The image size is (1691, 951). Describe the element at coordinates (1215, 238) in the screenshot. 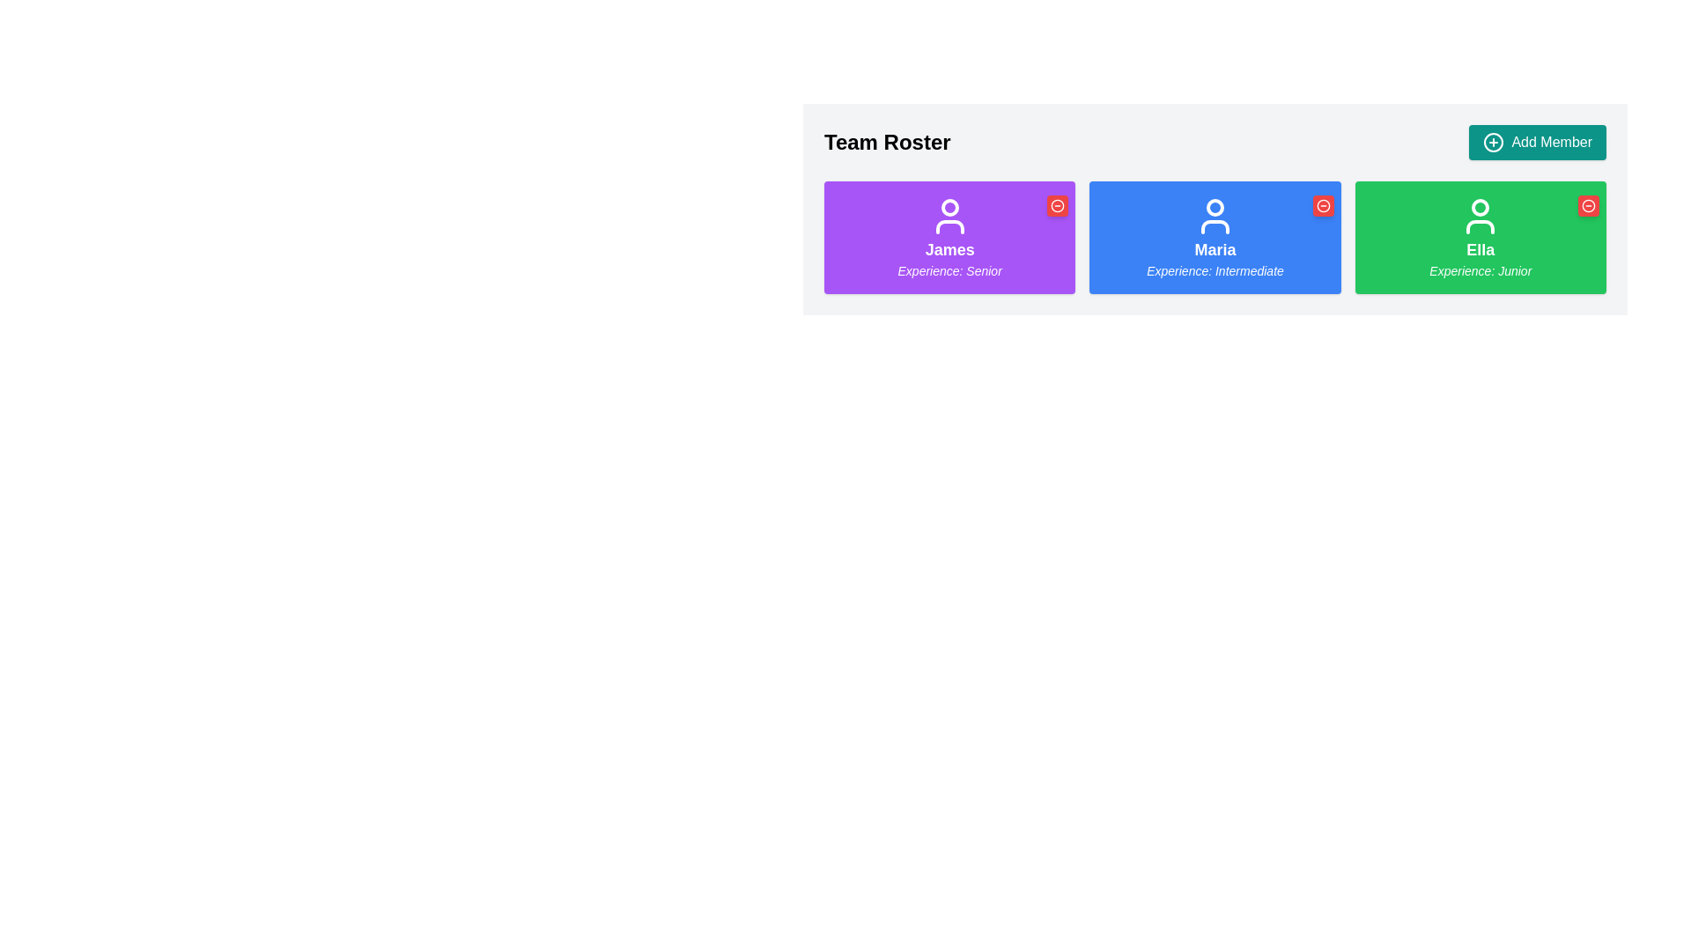

I see `the user information card displaying the team member 'Maria' with experience level 'Intermediate', located in the 'Team Roster' section between 'James' and 'Ella'` at that location.